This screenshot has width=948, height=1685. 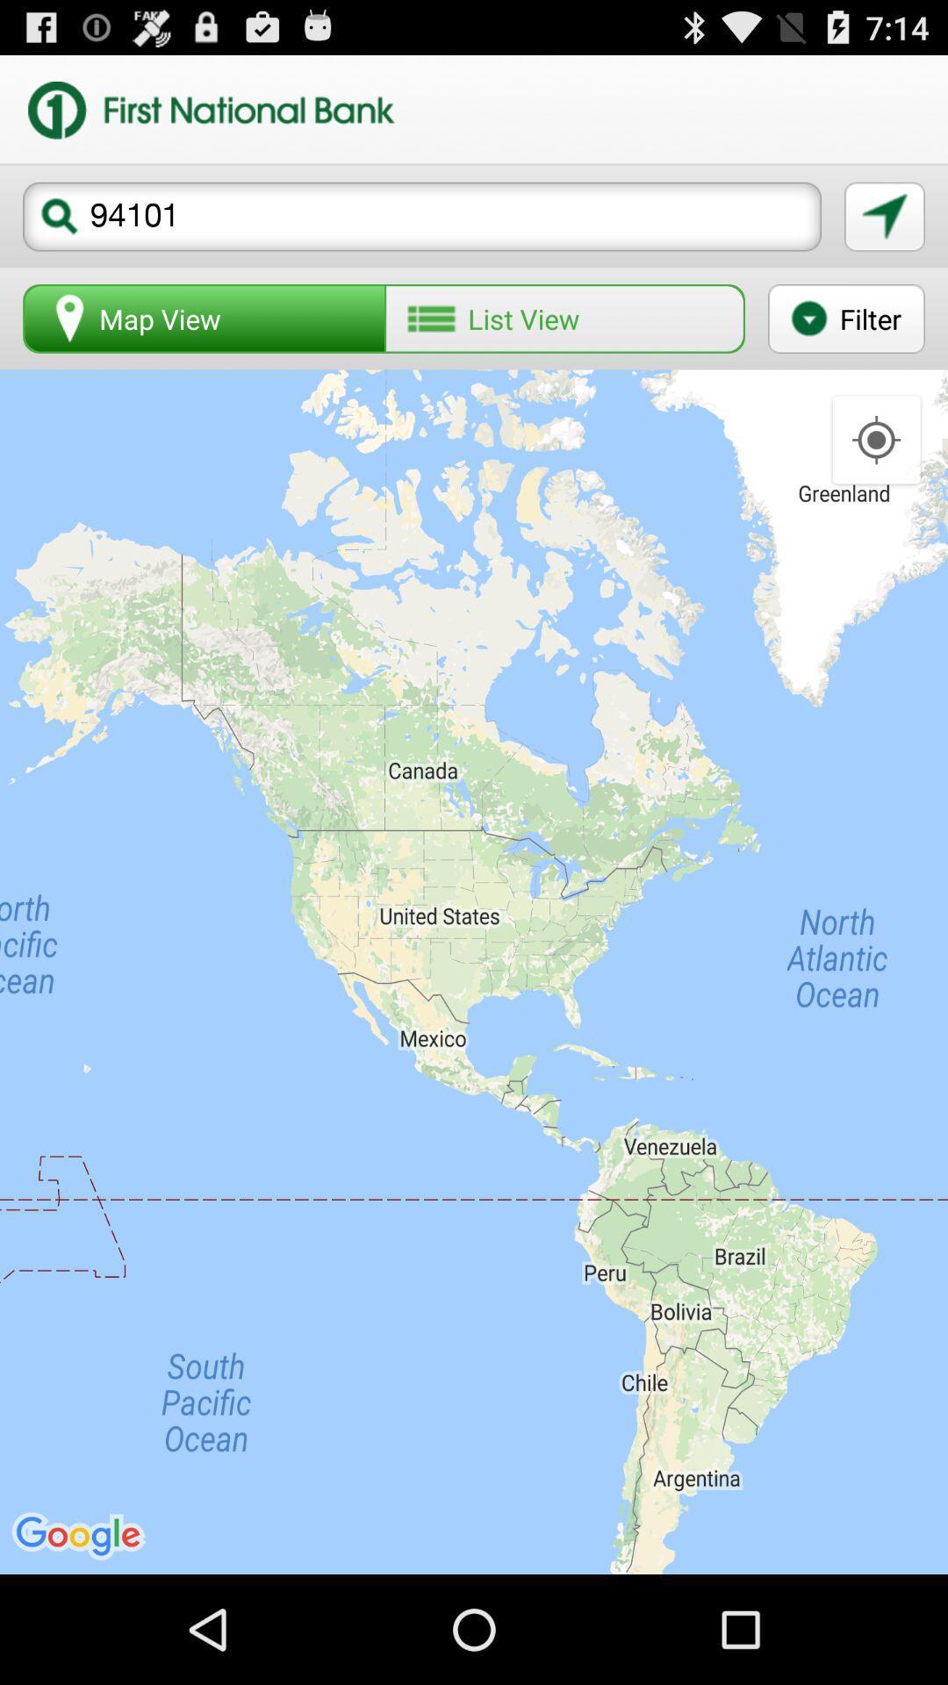 I want to click on icon below 94101 icon, so click(x=204, y=319).